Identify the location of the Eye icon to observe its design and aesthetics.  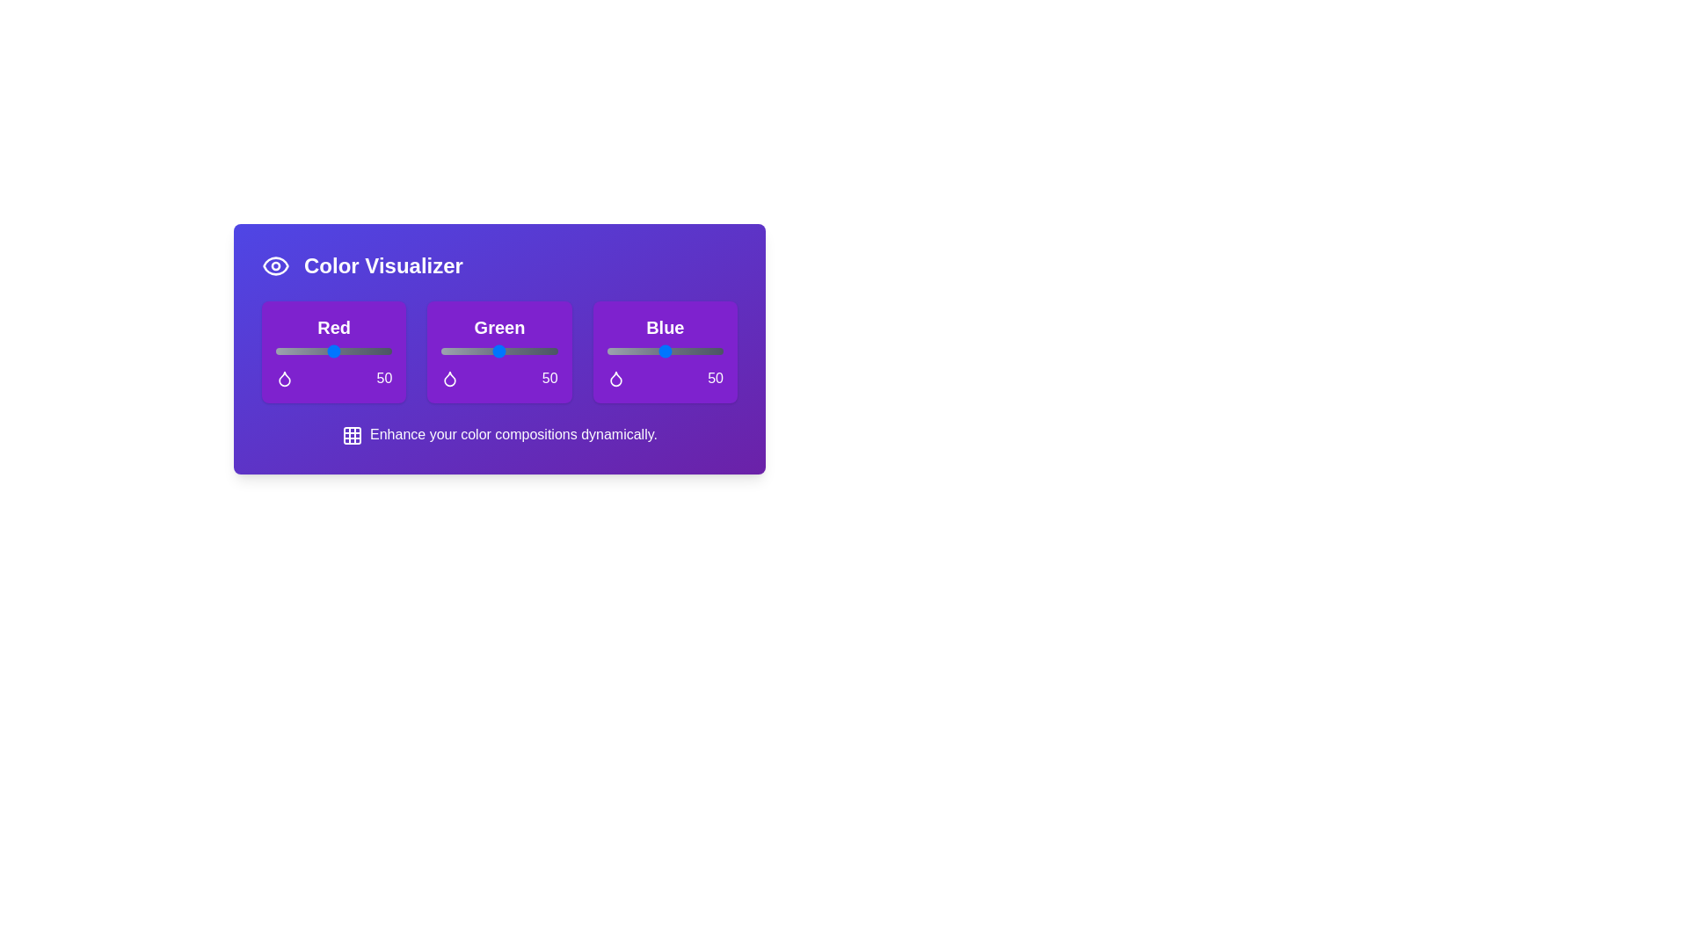
(274, 266).